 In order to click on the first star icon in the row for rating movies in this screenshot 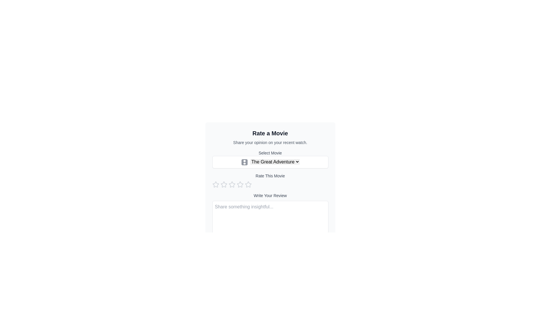, I will do `click(215, 184)`.